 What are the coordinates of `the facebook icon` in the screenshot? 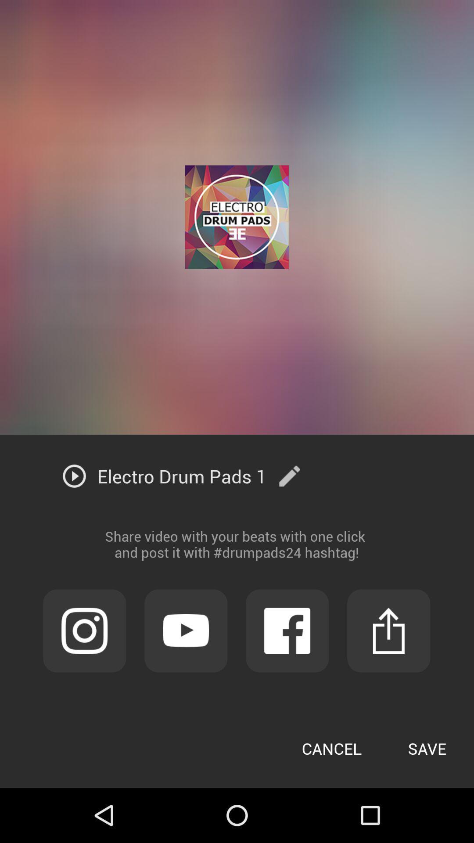 It's located at (287, 674).